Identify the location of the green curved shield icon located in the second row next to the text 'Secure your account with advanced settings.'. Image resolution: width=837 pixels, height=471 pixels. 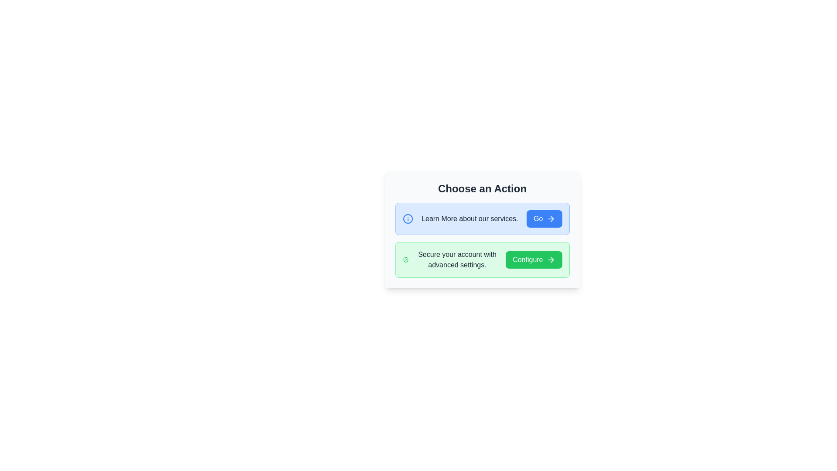
(405, 259).